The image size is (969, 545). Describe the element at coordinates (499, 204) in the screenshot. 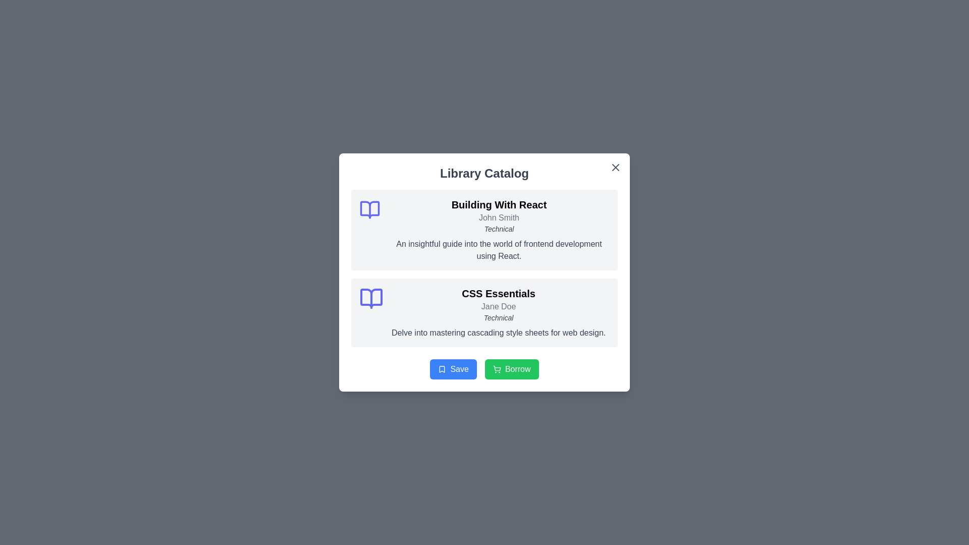

I see `text label that displays 'Building With React', which is prominently styled in bold and large font, centered within its gray background area` at that location.